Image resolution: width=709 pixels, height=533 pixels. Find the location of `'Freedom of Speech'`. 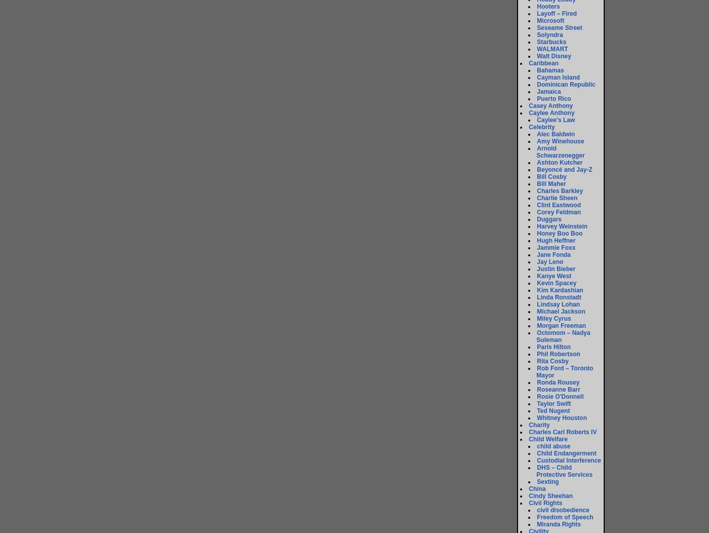

'Freedom of Speech' is located at coordinates (565, 516).